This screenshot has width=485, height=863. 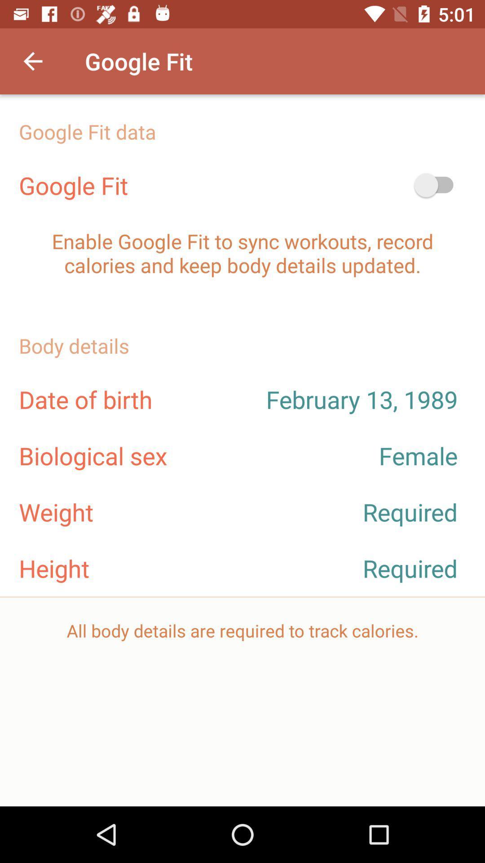 What do you see at coordinates (437, 185) in the screenshot?
I see `item to the right of google fit` at bounding box center [437, 185].